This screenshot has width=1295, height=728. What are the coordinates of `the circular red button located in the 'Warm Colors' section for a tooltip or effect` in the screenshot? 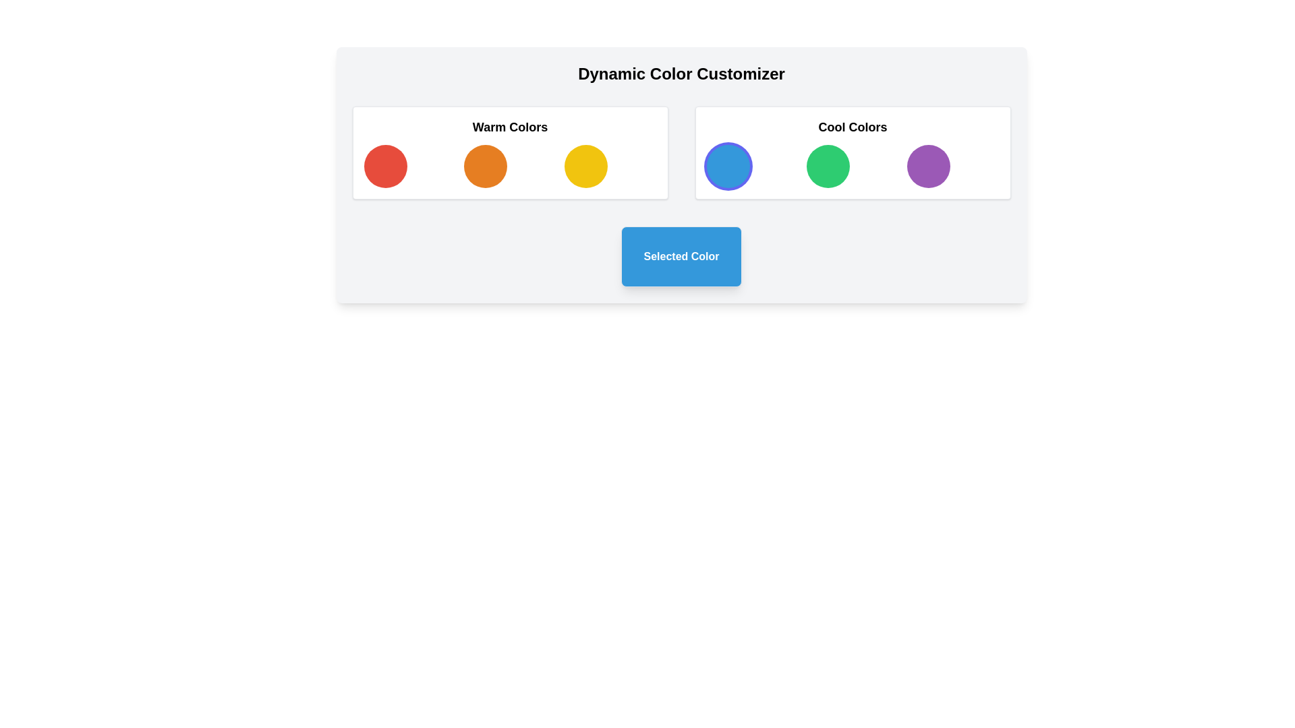 It's located at (384, 165).